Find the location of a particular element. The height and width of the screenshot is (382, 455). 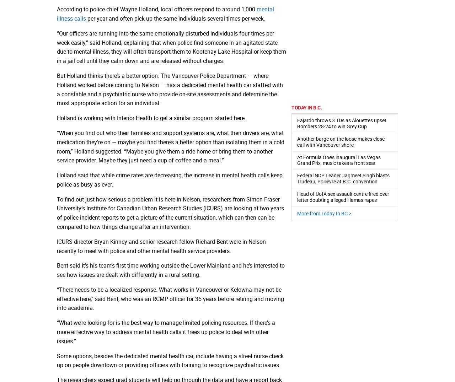

'But Holland thinks there’s a better option. The Vancouver Police Department — where Holland worked before coming to Nelson — has a dedicated mental health car staffed with a constable and a psychiatric nurse who provide on-site assessments and determine the most appropriate action for an individual.' is located at coordinates (169, 89).